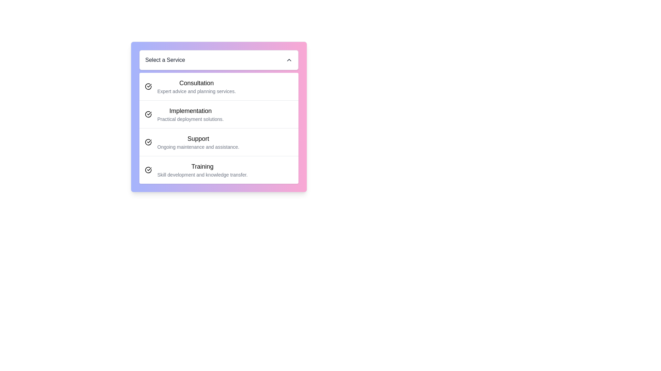  Describe the element at coordinates (148, 114) in the screenshot. I see `the selection indication by clicking on the circular black checkmark icon aligned to the left of the 'Implementation' text in the list item` at that location.